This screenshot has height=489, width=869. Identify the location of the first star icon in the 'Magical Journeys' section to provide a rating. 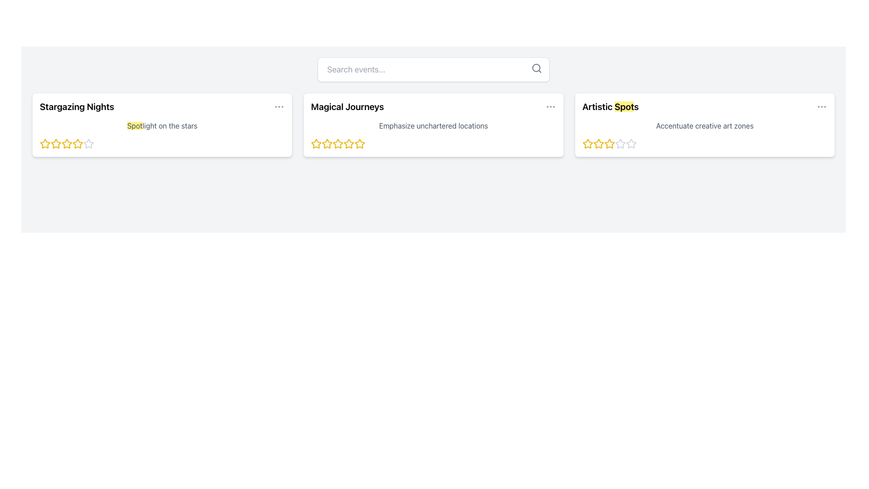
(316, 143).